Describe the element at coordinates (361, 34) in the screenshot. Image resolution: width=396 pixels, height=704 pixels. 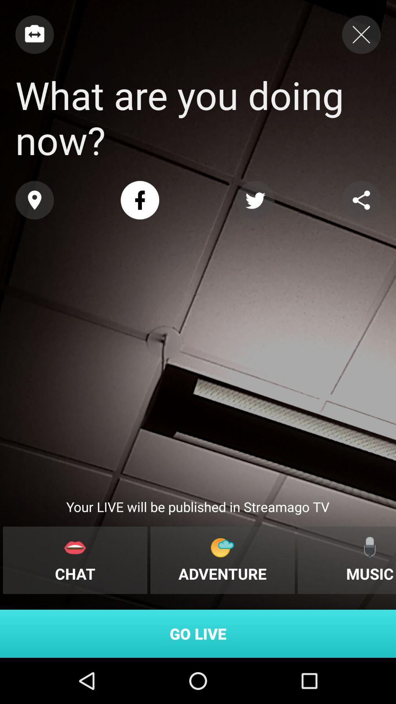
I see `exit` at that location.